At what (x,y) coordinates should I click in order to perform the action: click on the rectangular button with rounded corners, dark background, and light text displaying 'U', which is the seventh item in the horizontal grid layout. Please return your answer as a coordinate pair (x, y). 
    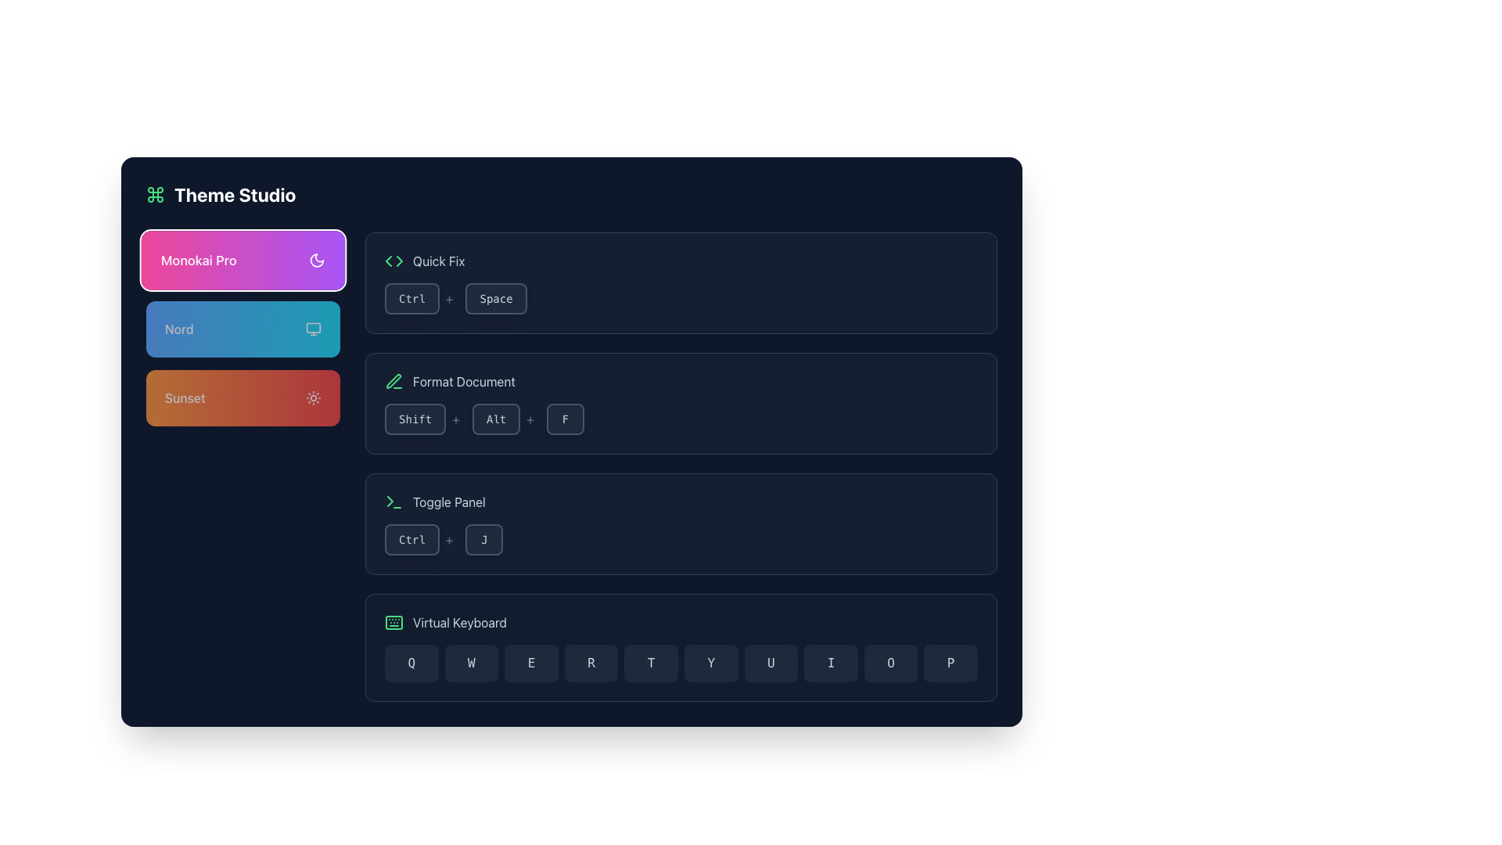
    Looking at the image, I should click on (771, 663).